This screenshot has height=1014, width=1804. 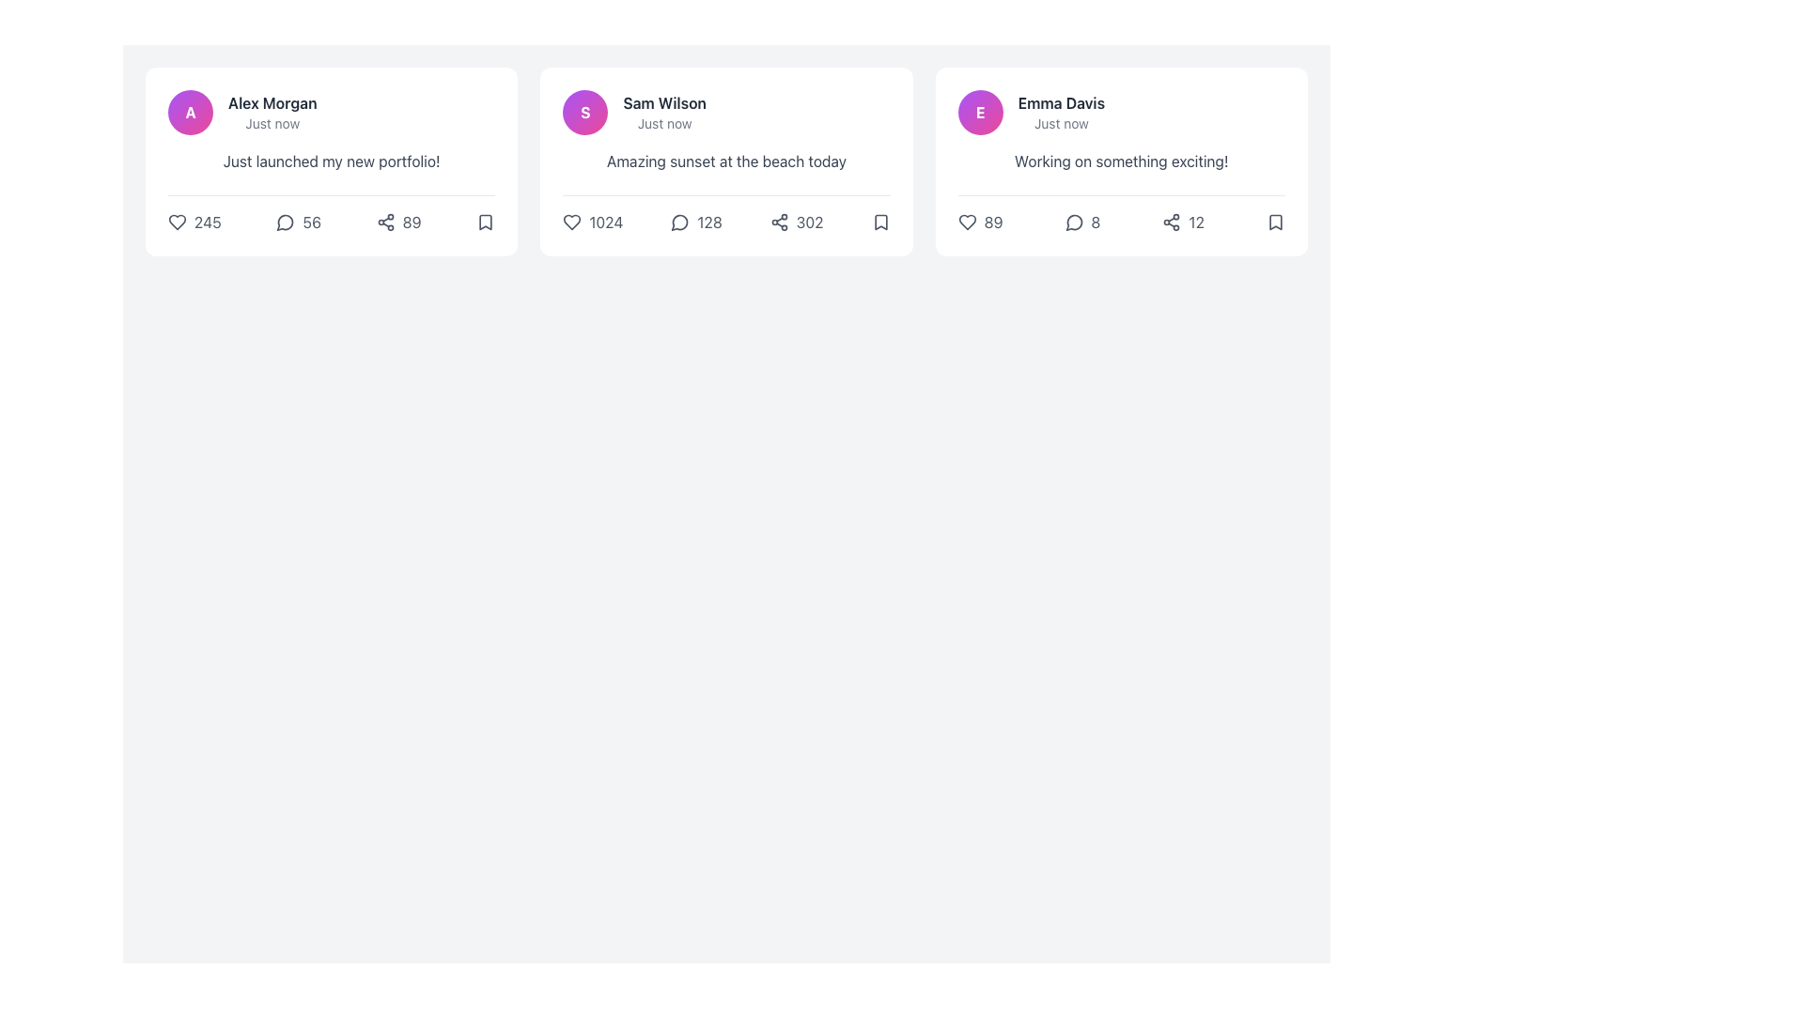 What do you see at coordinates (486, 221) in the screenshot?
I see `the bookmarking icon located in the bottom-right corner of the 'Alex Morgan' post card` at bounding box center [486, 221].